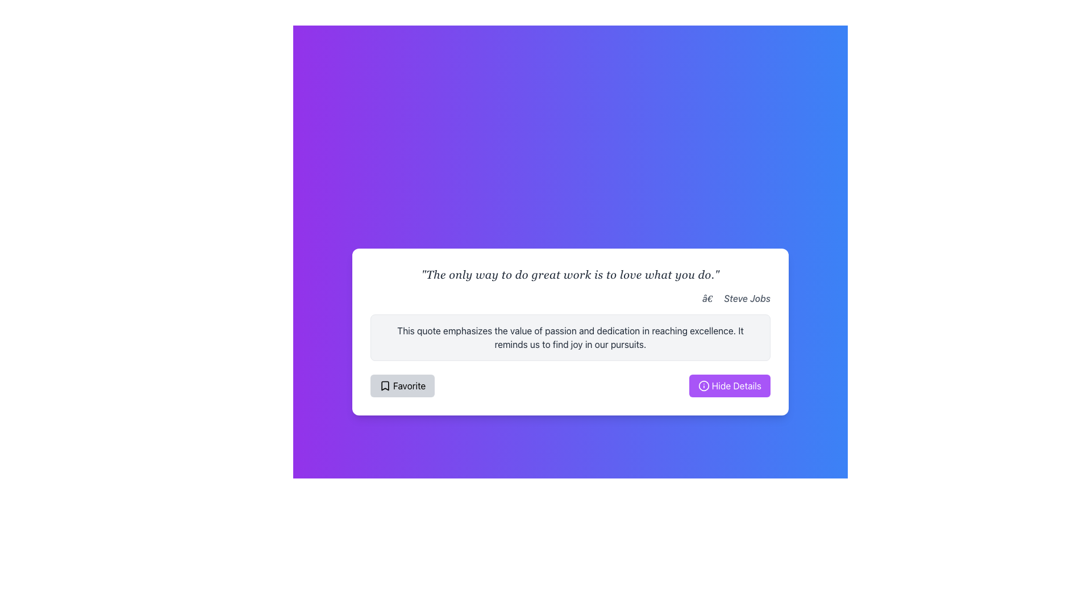 This screenshot has height=613, width=1091. I want to click on the static text element that provides supplementary information about the main quote, located centrally above the 'Favorite' and 'Hide Details' buttons, so click(570, 337).